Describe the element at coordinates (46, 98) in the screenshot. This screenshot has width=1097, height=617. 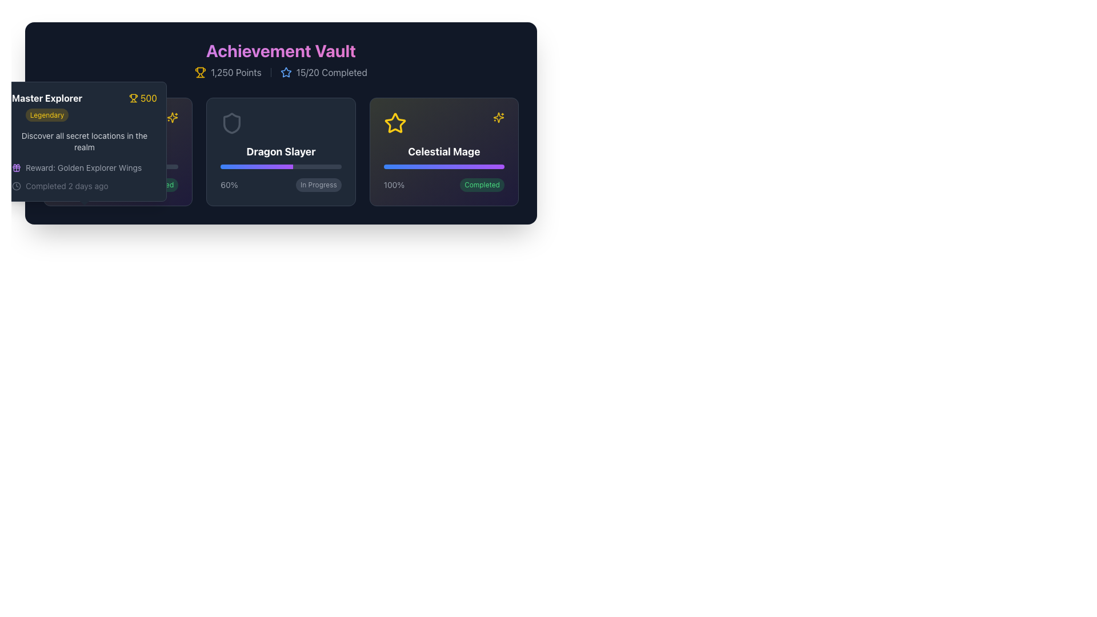
I see `the 'Master Explorer' text label, which is styled in bold white font and positioned at the top of a dark blue card interface` at that location.